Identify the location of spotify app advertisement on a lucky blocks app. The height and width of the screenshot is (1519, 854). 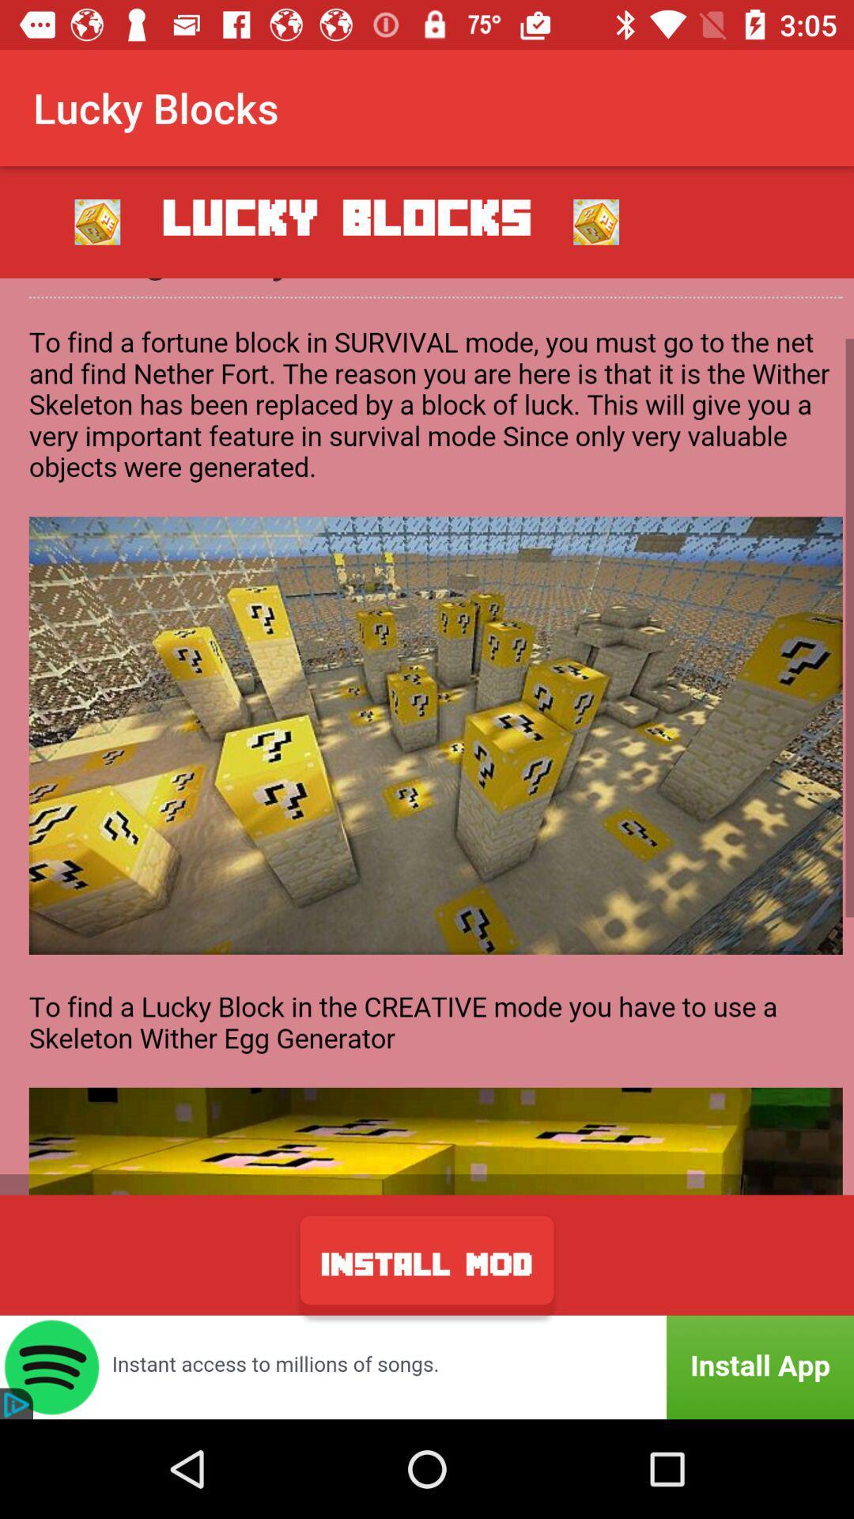
(427, 1366).